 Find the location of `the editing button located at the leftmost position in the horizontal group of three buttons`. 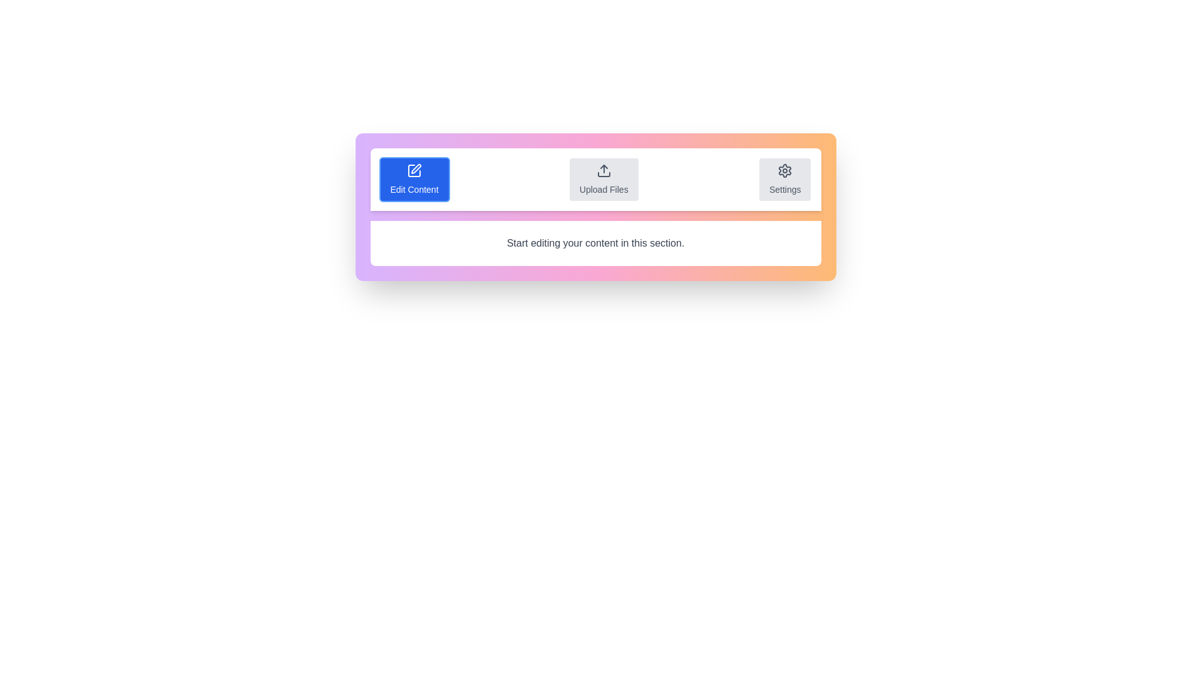

the editing button located at the leftmost position in the horizontal group of three buttons is located at coordinates (414, 179).